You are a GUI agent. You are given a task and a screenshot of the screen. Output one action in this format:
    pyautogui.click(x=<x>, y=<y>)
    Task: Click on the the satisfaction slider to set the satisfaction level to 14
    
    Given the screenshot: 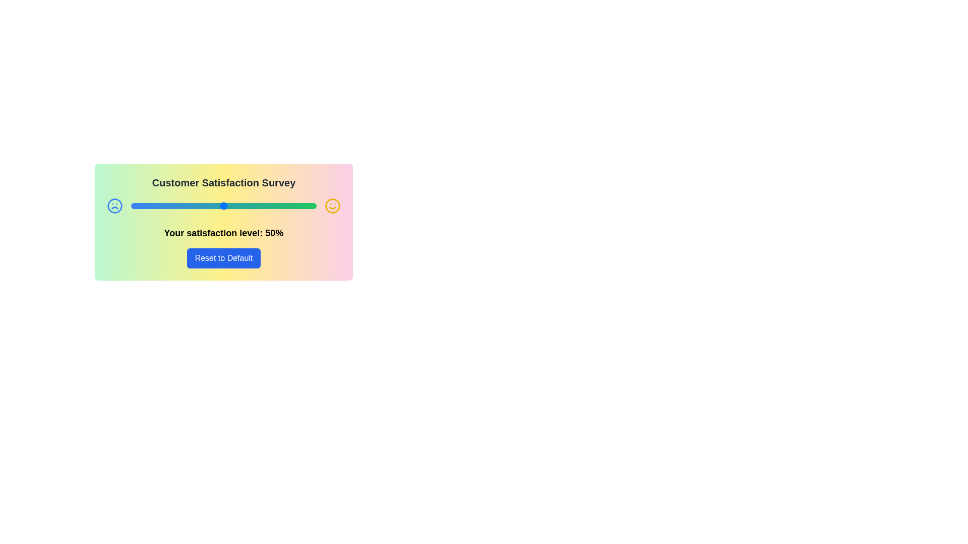 What is the action you would take?
    pyautogui.click(x=156, y=205)
    